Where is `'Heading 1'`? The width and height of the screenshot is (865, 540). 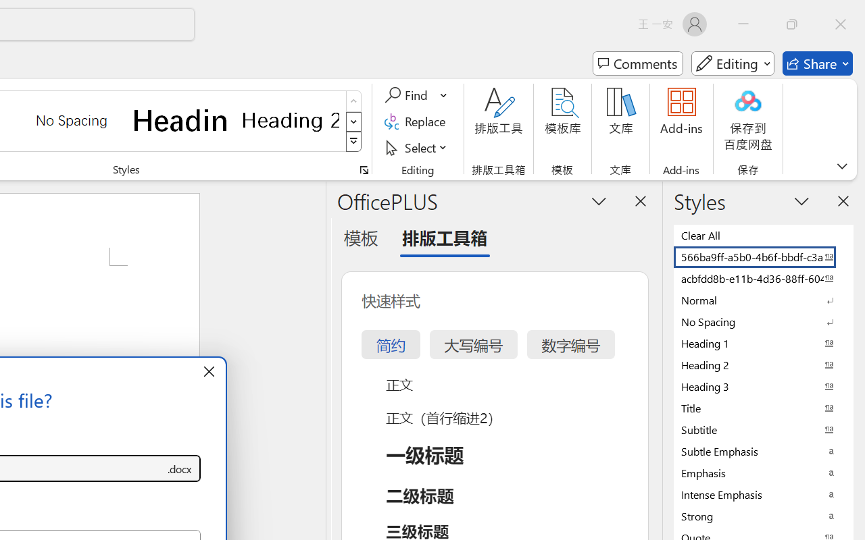
'Heading 1' is located at coordinates (180, 119).